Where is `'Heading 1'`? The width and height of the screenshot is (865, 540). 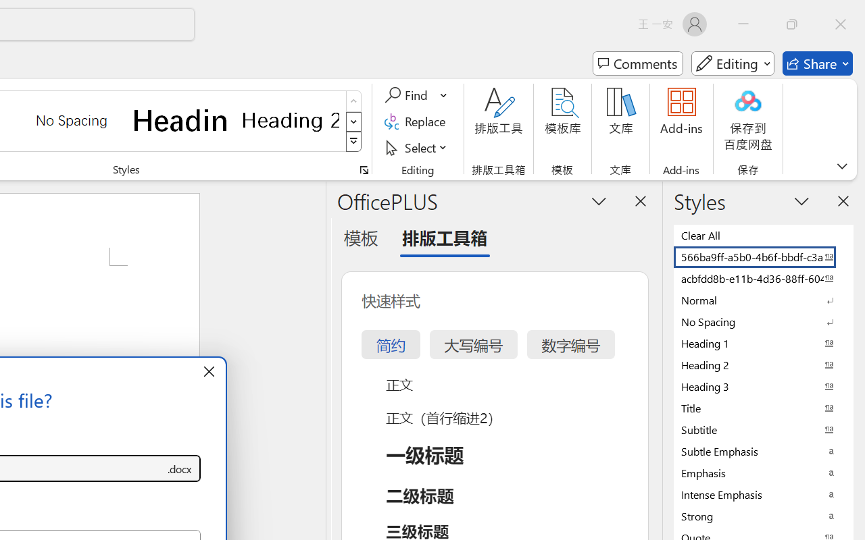
'Heading 1' is located at coordinates (180, 119).